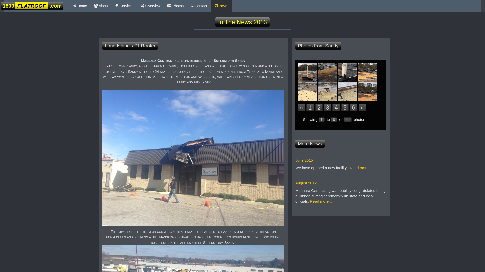 The image size is (485, 272). What do you see at coordinates (347, 72) in the screenshot?
I see `'1800Flatroof.com on the  job'` at bounding box center [347, 72].